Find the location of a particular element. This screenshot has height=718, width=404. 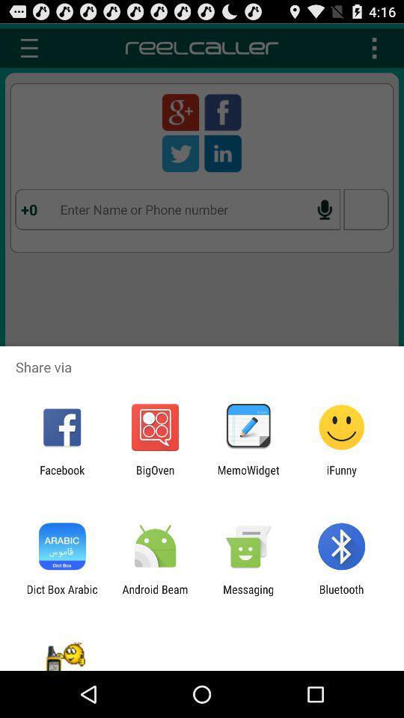

the icon next to the messaging app is located at coordinates (341, 595).